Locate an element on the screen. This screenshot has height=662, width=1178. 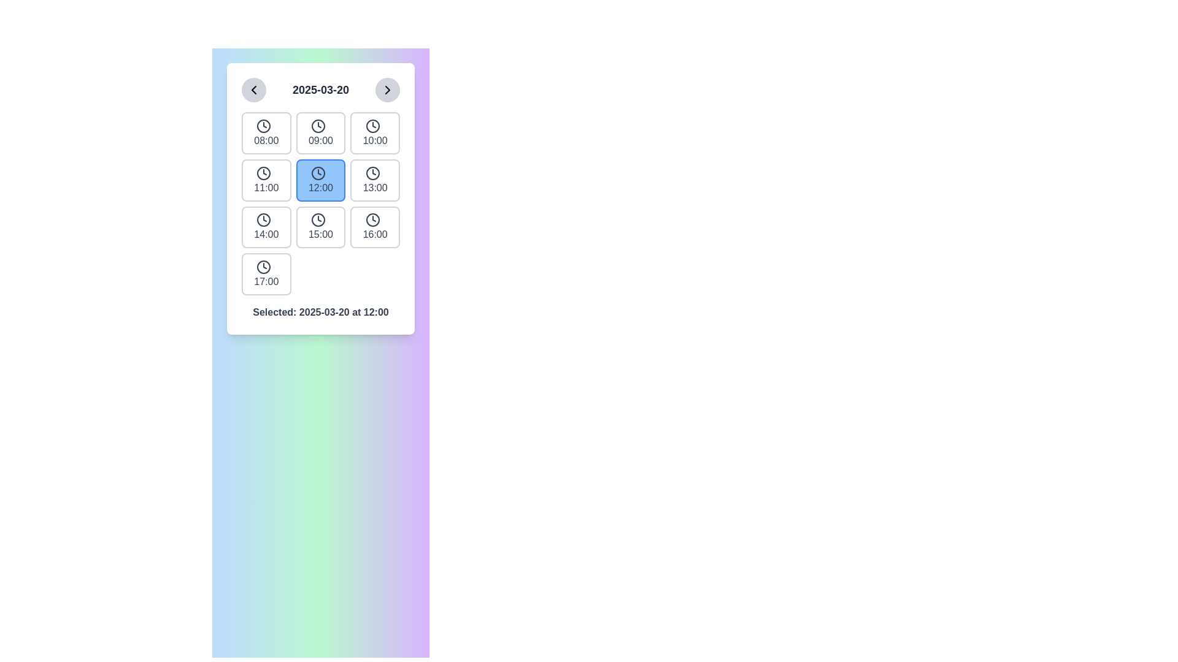
the button representing the selectable time option '12:00' is located at coordinates (321, 180).